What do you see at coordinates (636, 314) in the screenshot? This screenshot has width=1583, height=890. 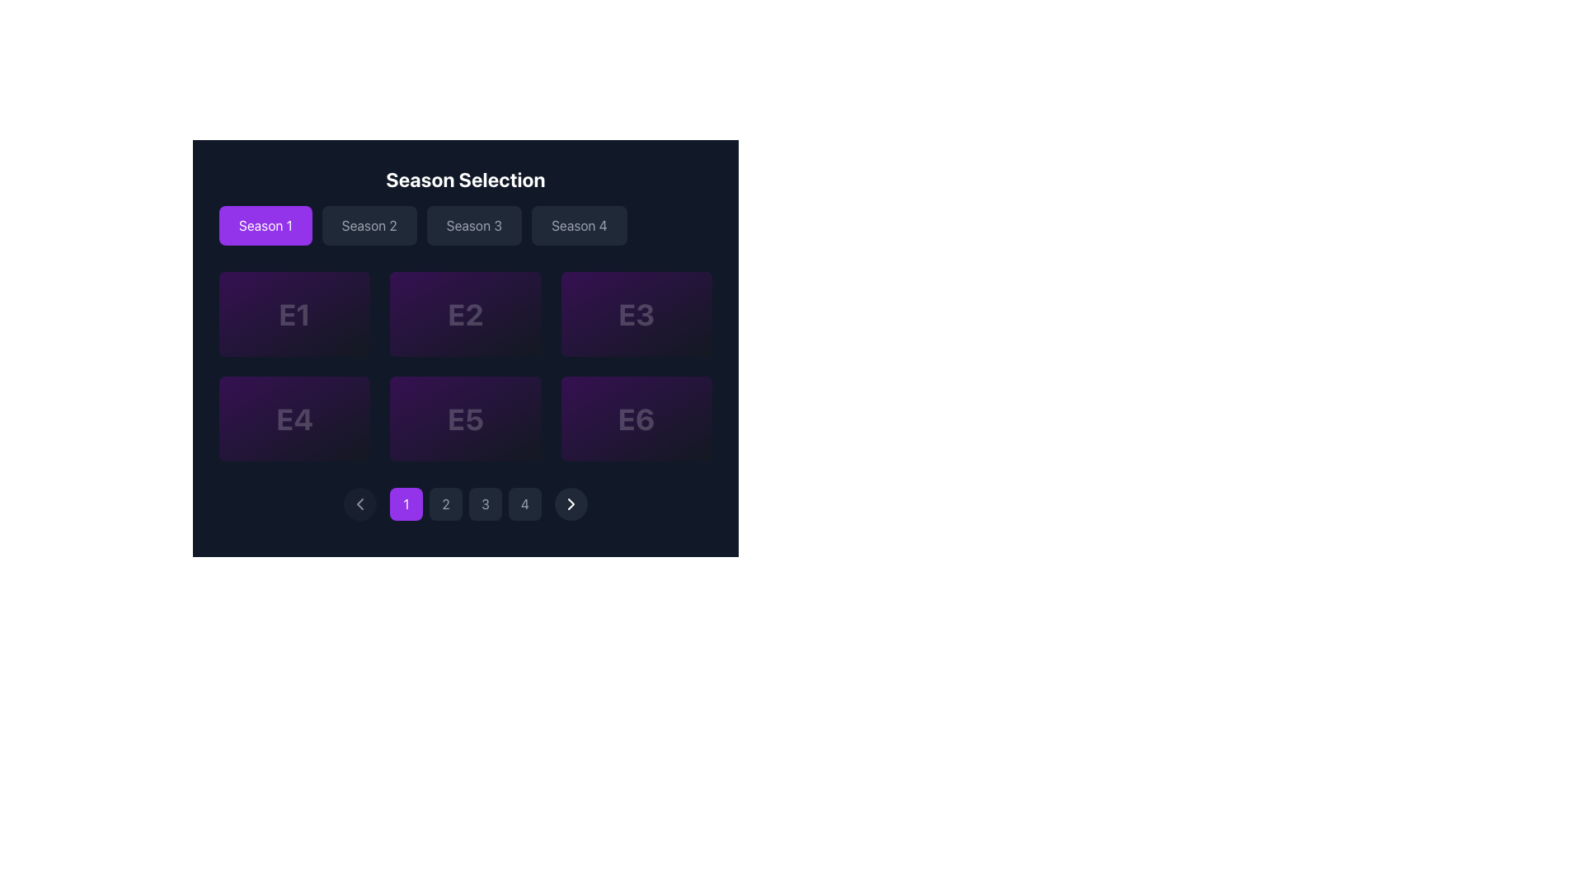 I see `the button labeled 'E3' with a dark purple background for keyboard navigation` at bounding box center [636, 314].